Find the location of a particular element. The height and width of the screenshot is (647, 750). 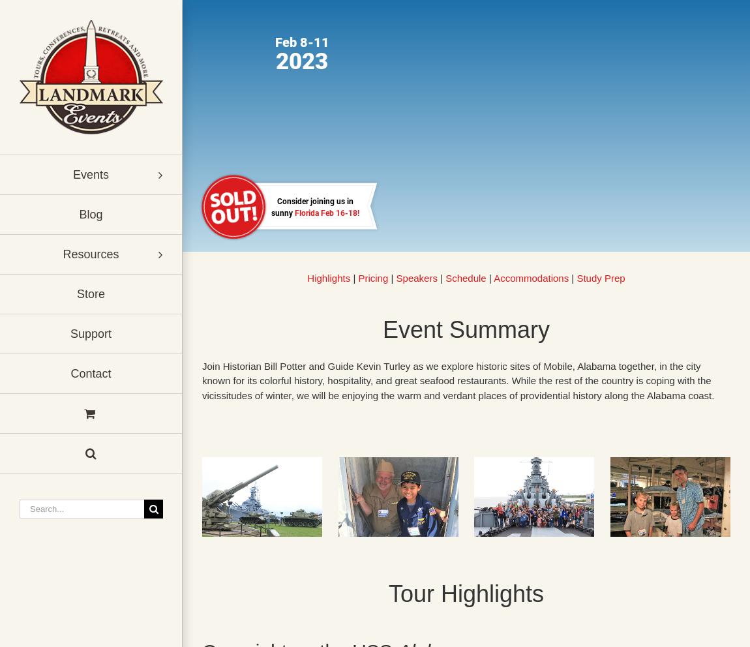

'Accommodations' is located at coordinates (493, 277).